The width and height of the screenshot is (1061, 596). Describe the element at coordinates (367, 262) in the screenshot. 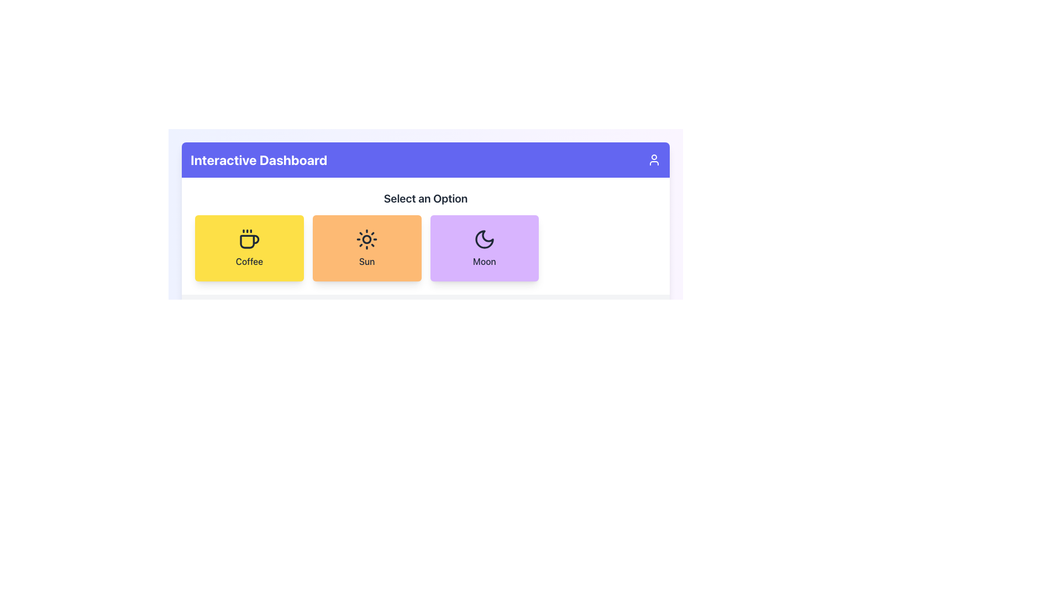

I see `the text label displaying the word 'Sun' which is styled in medium-weight font and dark gray color, located near the bottom of an orange rectangular card that is the second card from the left in a row of three cards` at that location.